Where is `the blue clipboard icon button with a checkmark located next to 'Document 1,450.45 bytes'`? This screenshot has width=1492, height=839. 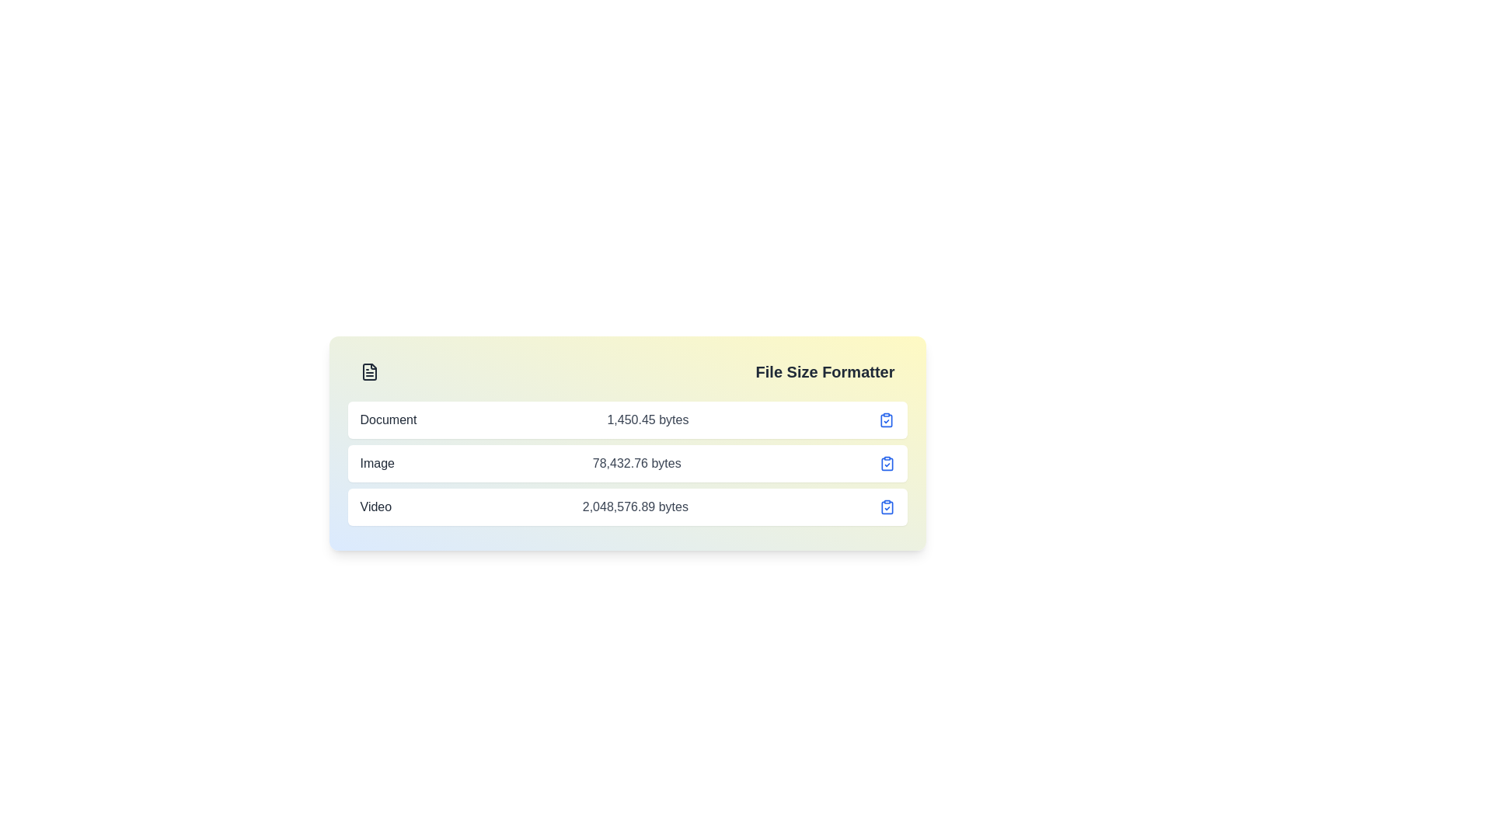 the blue clipboard icon button with a checkmark located next to 'Document 1,450.45 bytes' is located at coordinates (887, 419).